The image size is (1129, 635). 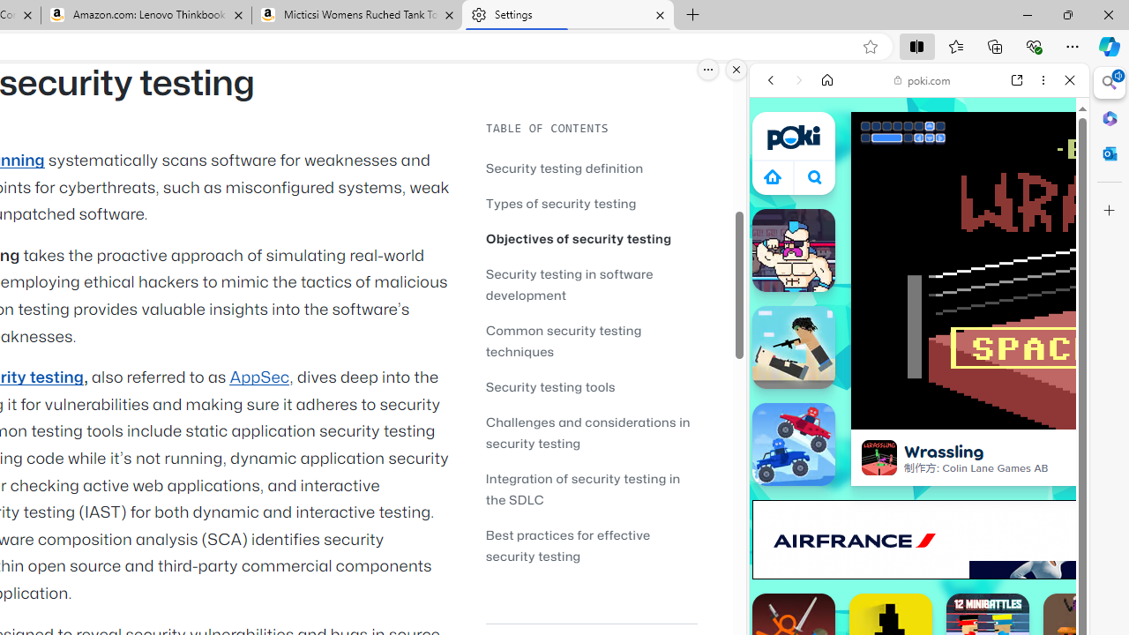 I want to click on 'Types of security testing', so click(x=560, y=202).